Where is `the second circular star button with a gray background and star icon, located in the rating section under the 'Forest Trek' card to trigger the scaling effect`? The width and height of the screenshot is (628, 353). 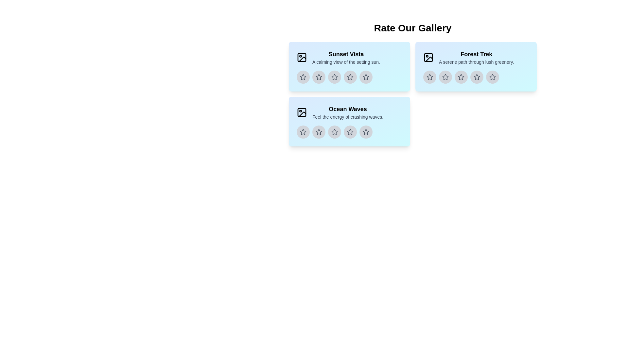 the second circular star button with a gray background and star icon, located in the rating section under the 'Forest Trek' card to trigger the scaling effect is located at coordinates (445, 76).